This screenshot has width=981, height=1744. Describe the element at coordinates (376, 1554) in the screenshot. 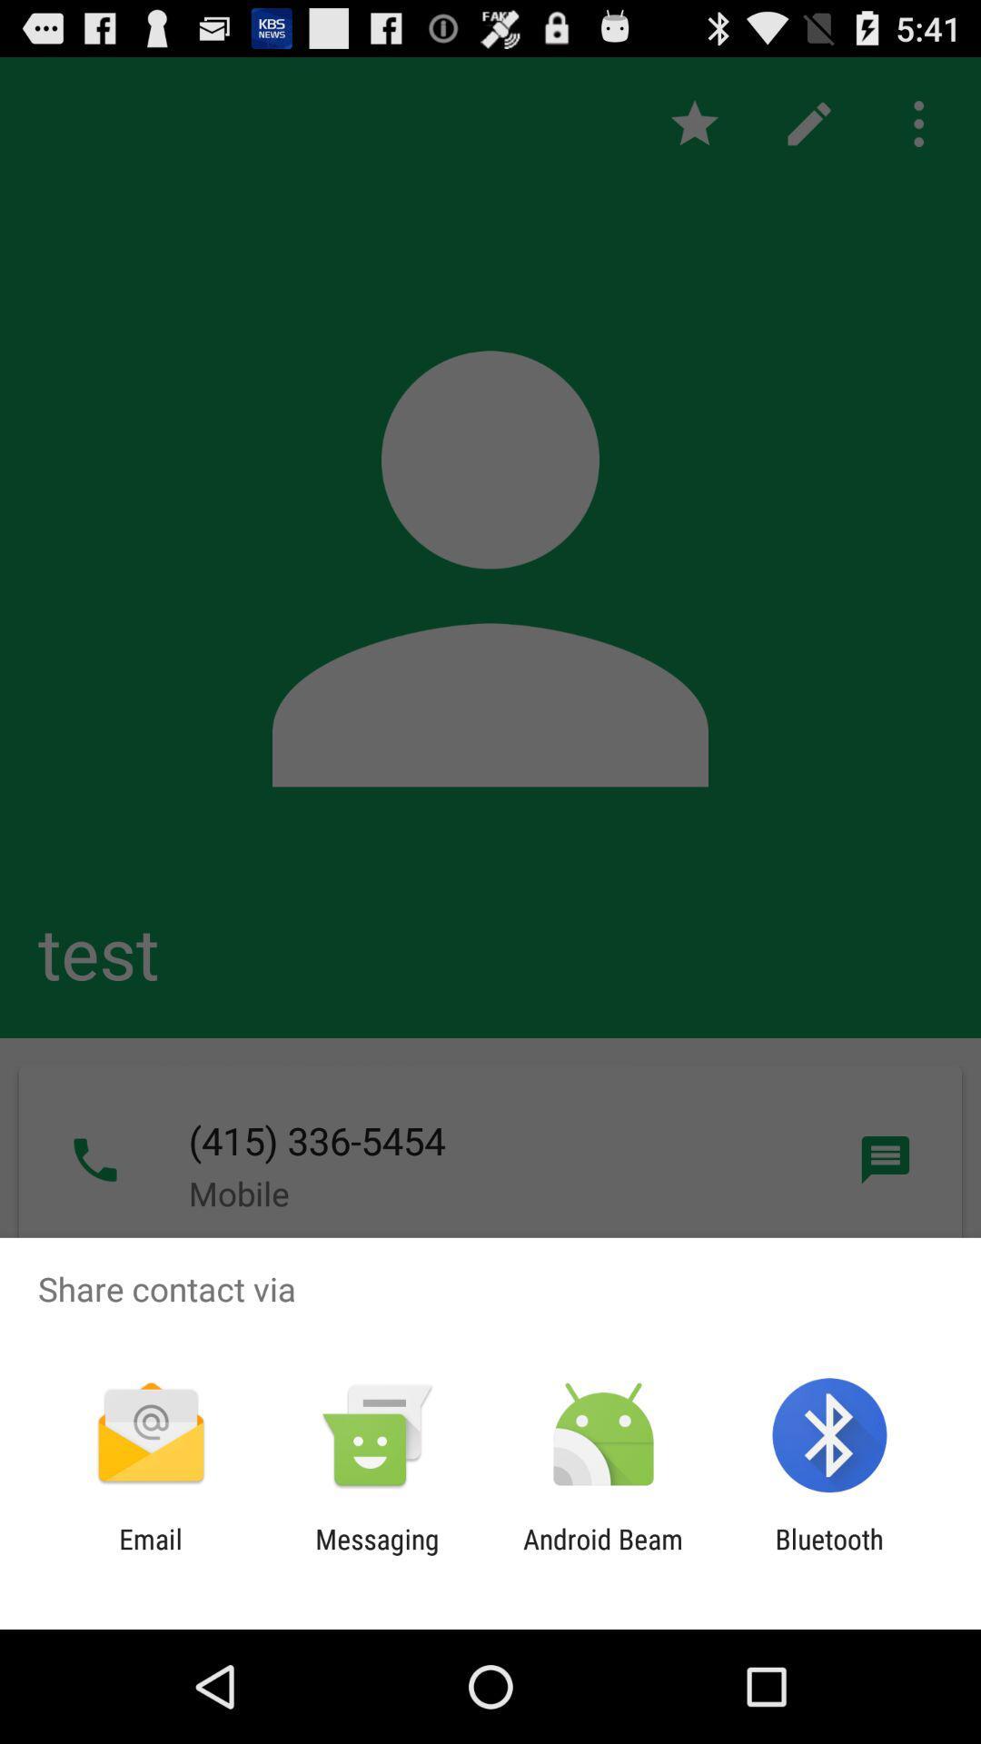

I see `the messaging app` at that location.